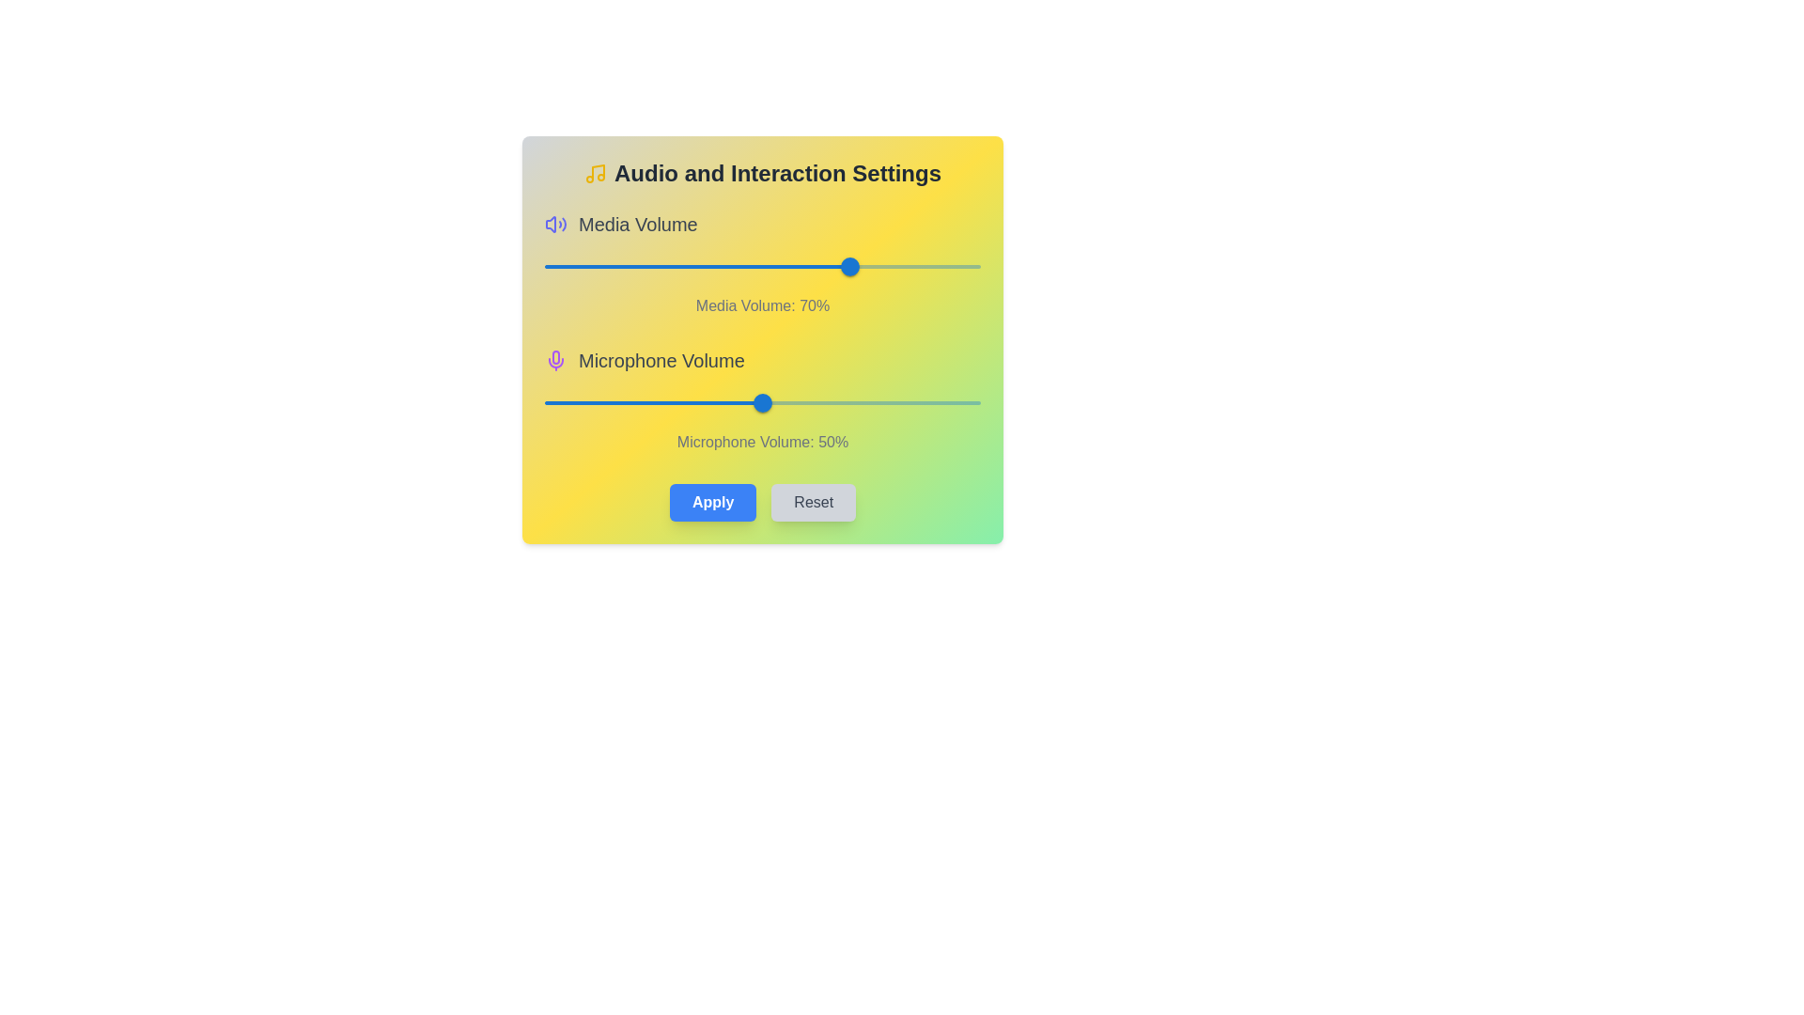 The image size is (1804, 1015). I want to click on the red filled portion of the Media Volume slider's progress bar, which visually represents the current volume level, so click(696, 267).